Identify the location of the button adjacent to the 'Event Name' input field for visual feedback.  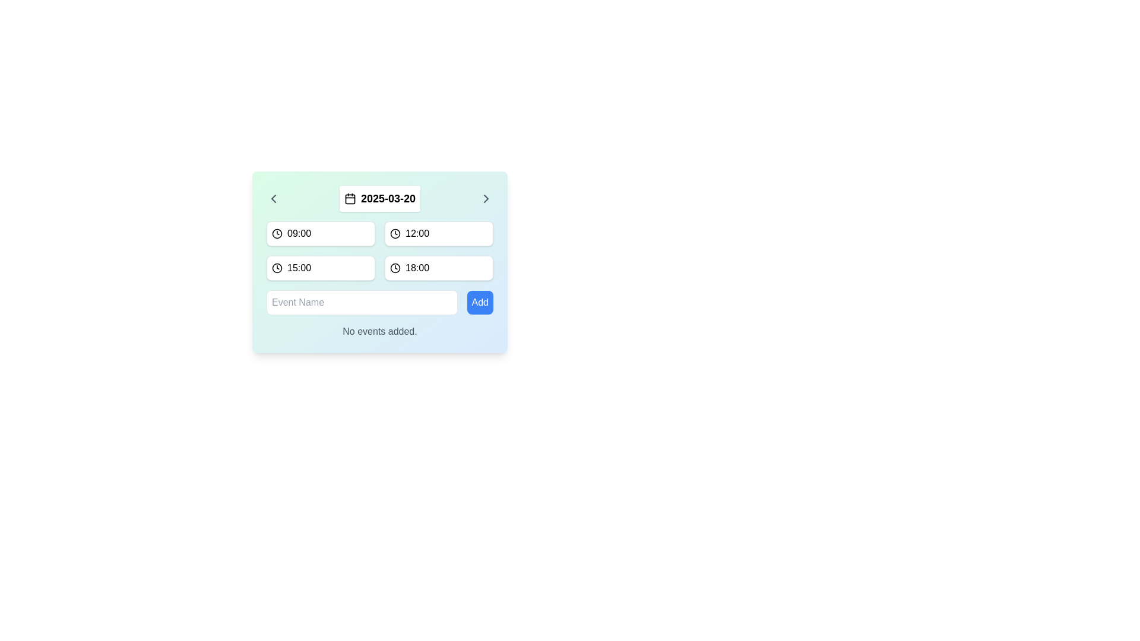
(480, 302).